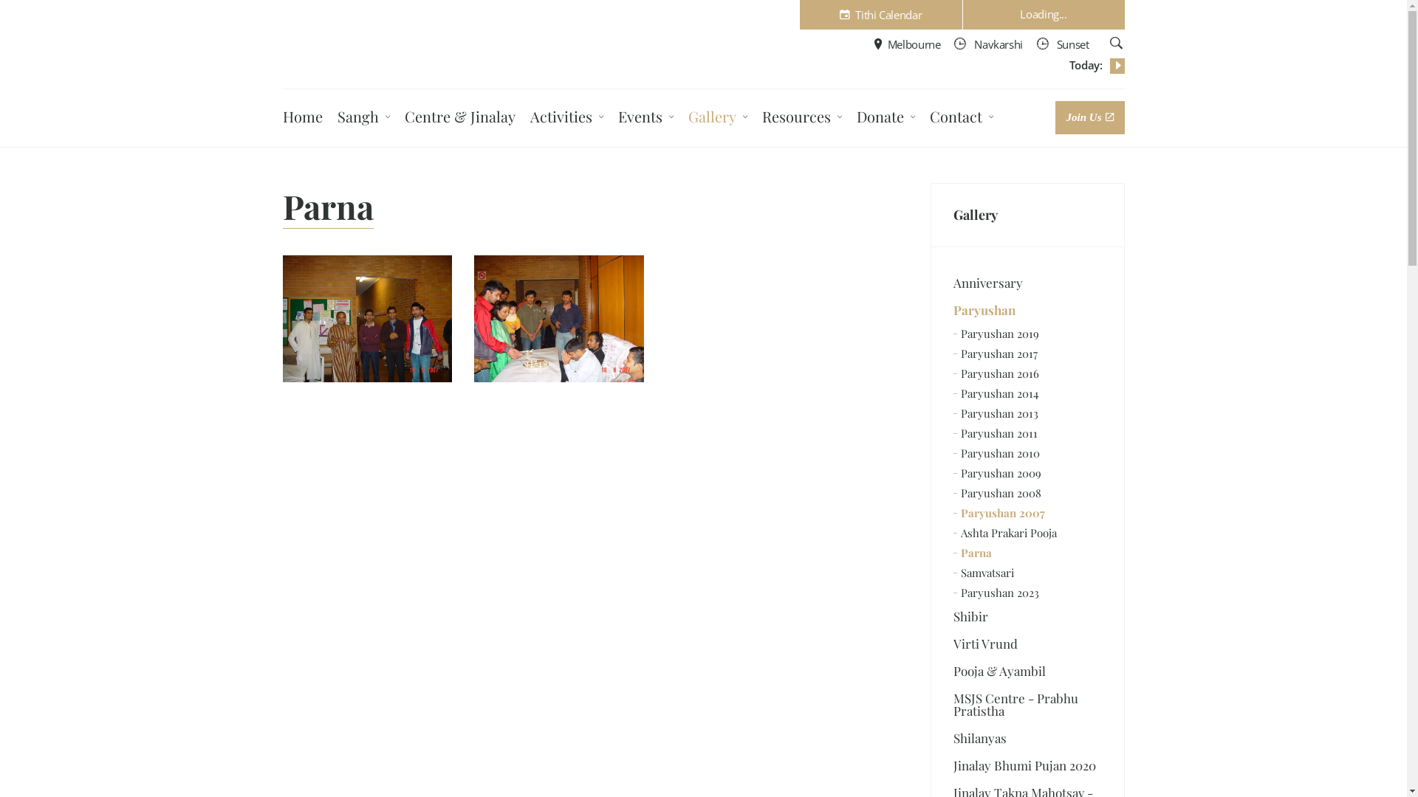  I want to click on 'Events', so click(648, 118).